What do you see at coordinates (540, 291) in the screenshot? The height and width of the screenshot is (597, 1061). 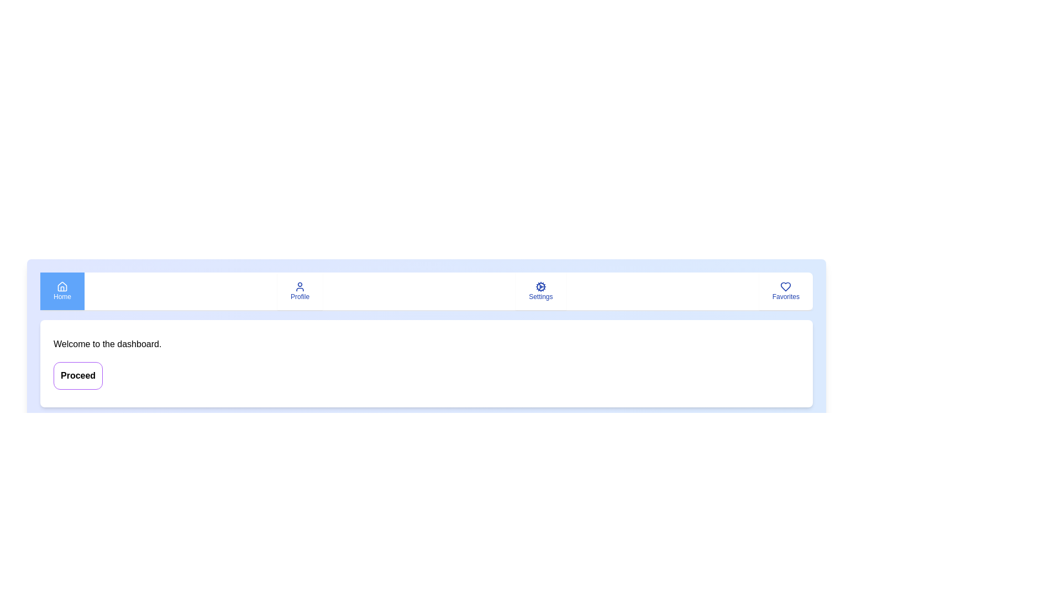 I see `the tab button labeled Settings to observe its hover effect` at bounding box center [540, 291].